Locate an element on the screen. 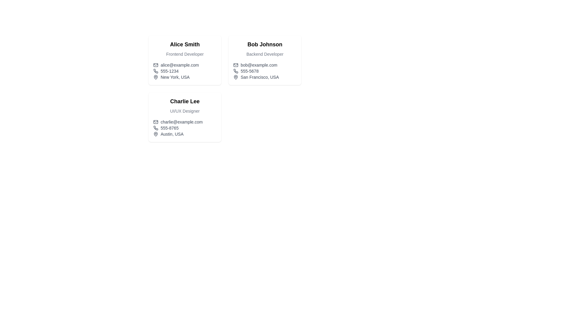 The image size is (582, 327). text label displaying 'UI/UX Designer' which is positioned below the name 'Charlie Lee' in a user card, centrally aligned and presented in a small, gray font is located at coordinates (184, 111).